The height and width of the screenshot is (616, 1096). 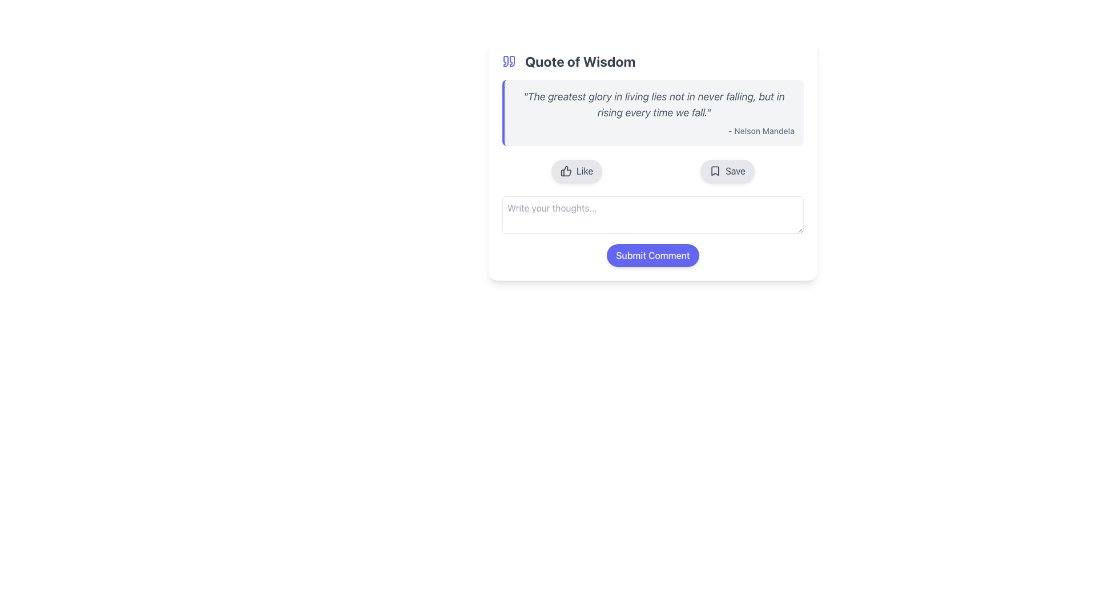 What do you see at coordinates (566, 171) in the screenshot?
I see `thumbs-up icon located within the 'Like' button in the comment section, which is styled as a simplified outline and has no fill color` at bounding box center [566, 171].